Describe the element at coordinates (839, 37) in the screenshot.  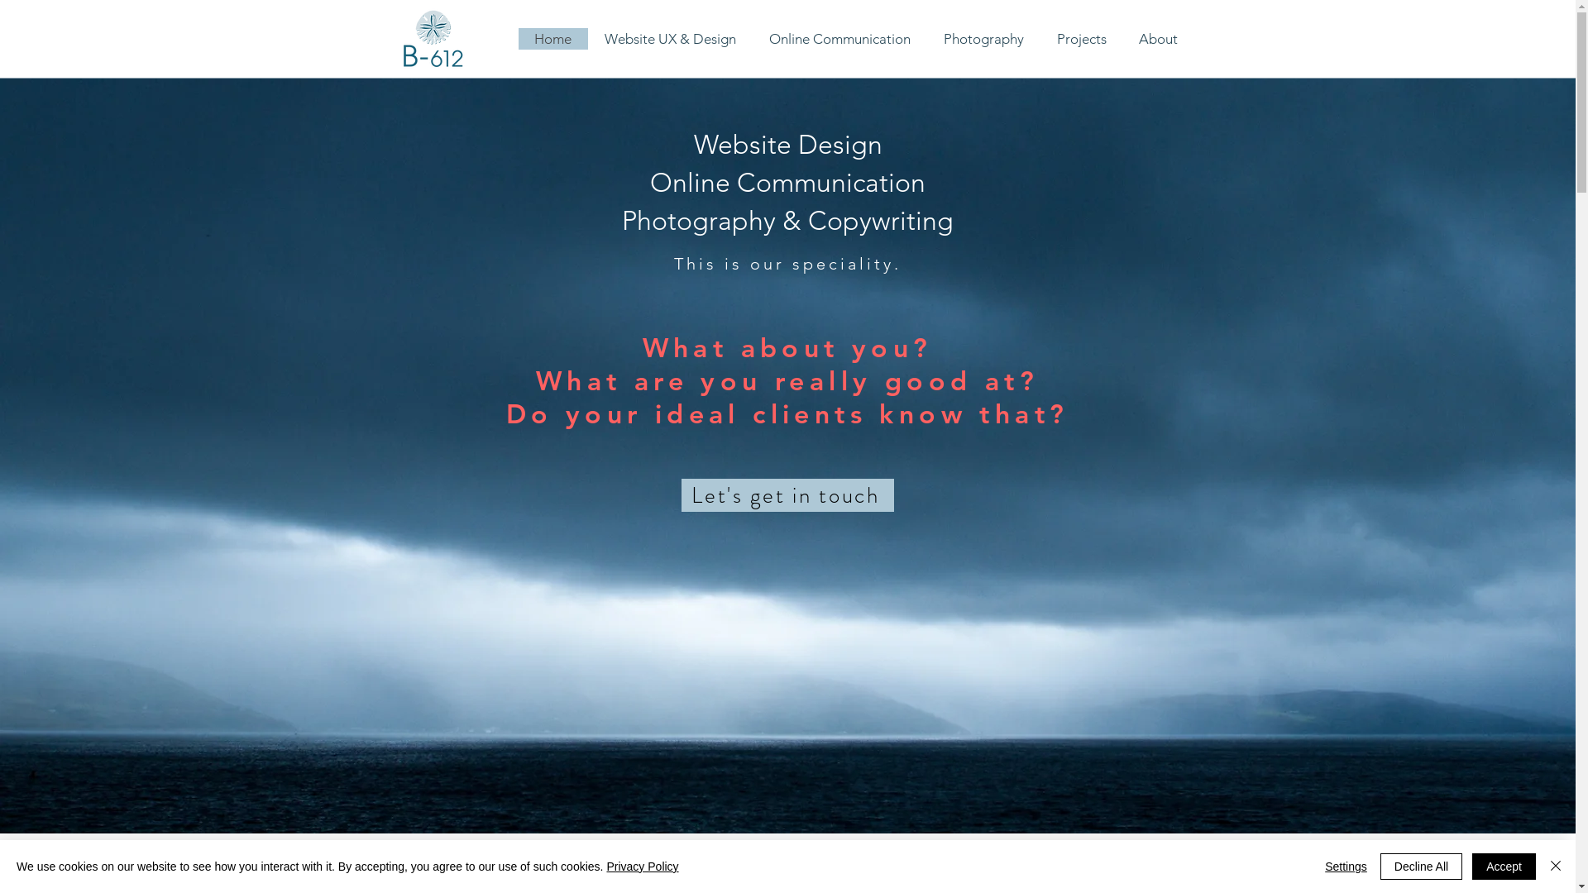
I see `'Online Communication'` at that location.